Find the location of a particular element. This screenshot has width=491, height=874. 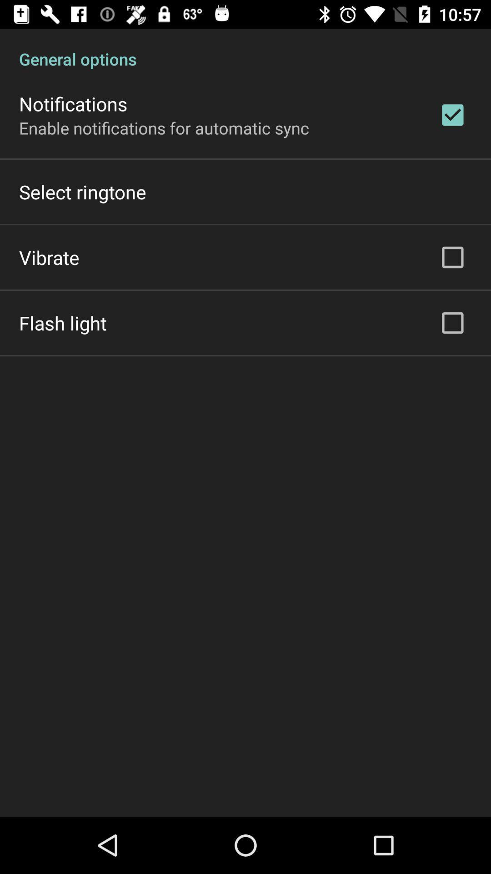

icon above the flash light icon is located at coordinates (49, 257).